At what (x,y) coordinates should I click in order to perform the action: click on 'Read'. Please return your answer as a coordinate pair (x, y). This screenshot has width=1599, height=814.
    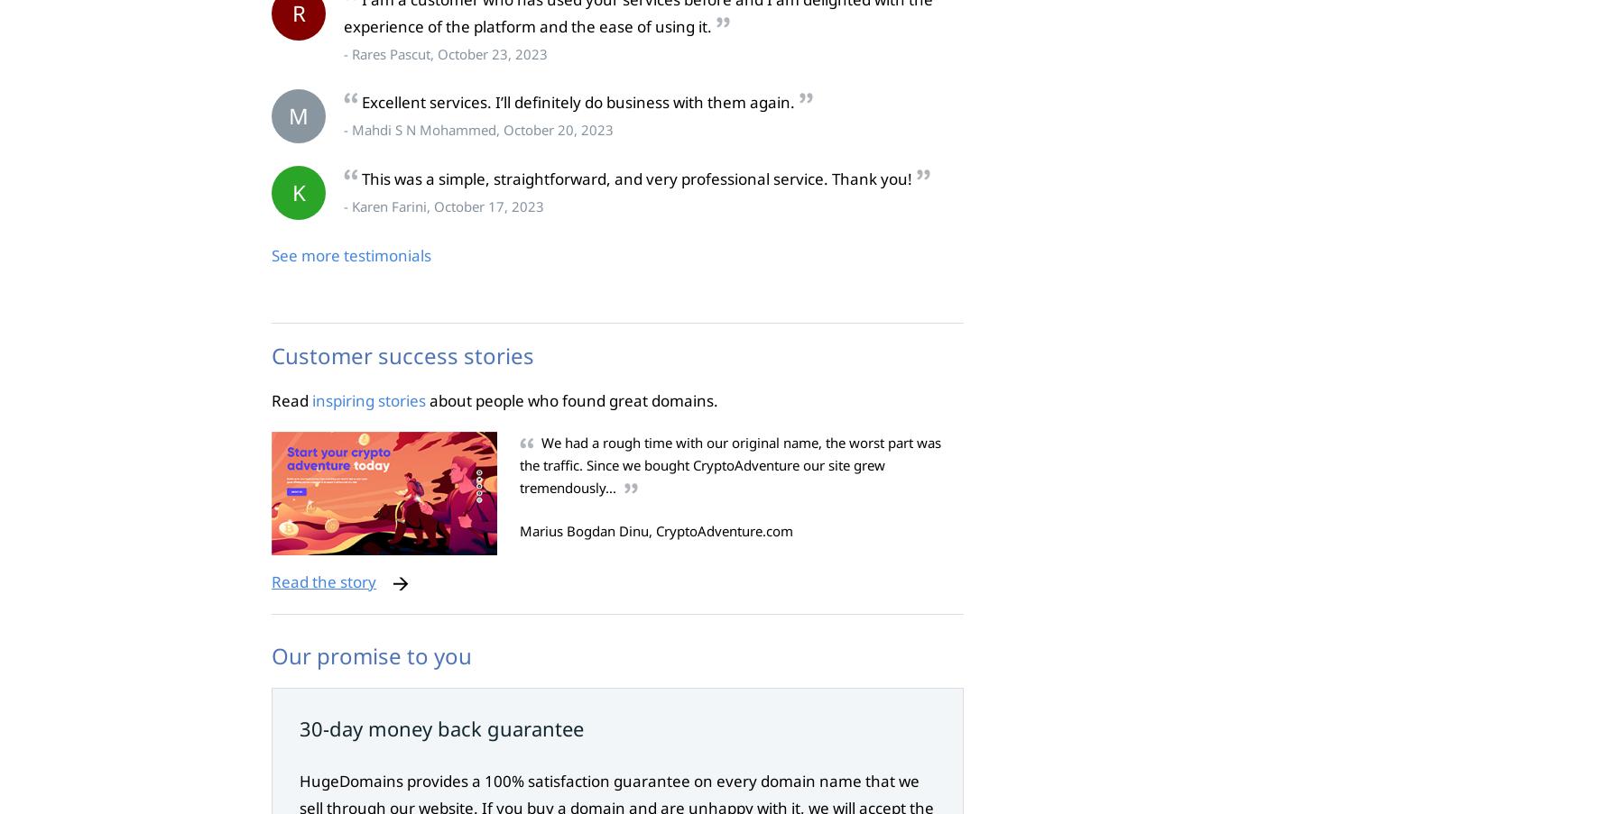
    Looking at the image, I should click on (271, 398).